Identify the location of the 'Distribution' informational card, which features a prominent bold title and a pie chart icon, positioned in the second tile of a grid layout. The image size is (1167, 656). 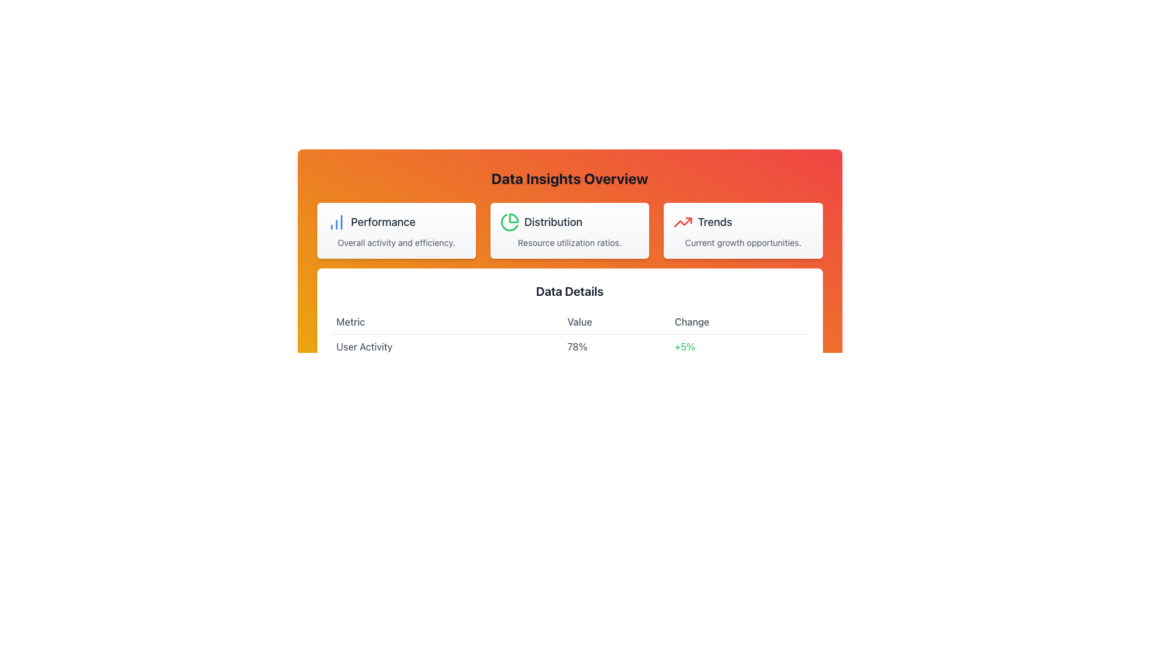
(569, 231).